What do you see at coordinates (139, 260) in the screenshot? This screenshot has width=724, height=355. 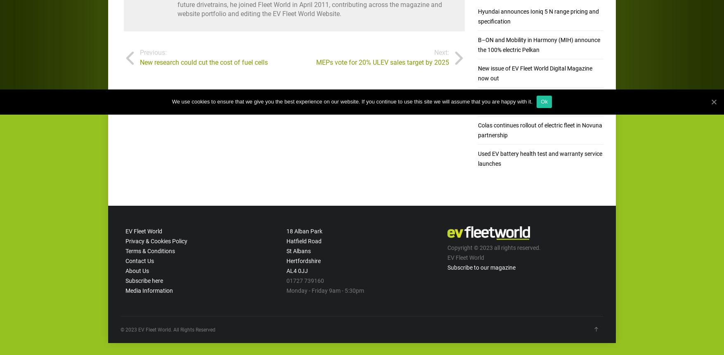 I see `'Contact Us'` at bounding box center [139, 260].